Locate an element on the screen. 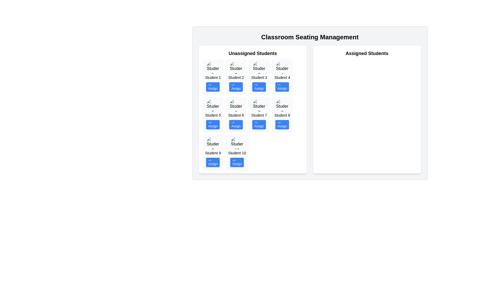 The image size is (504, 283). the small rightward arrow icon within the bright blue 'Assign' button for 'Student 3' in the 'Unassigned Students' section is located at coordinates (256, 85).